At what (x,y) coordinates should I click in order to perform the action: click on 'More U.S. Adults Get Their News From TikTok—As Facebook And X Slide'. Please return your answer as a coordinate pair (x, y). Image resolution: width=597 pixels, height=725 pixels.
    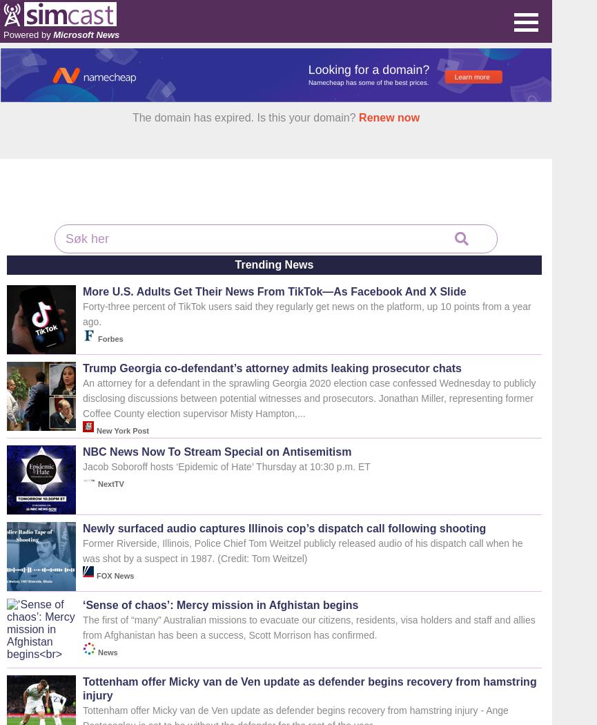
    Looking at the image, I should click on (274, 291).